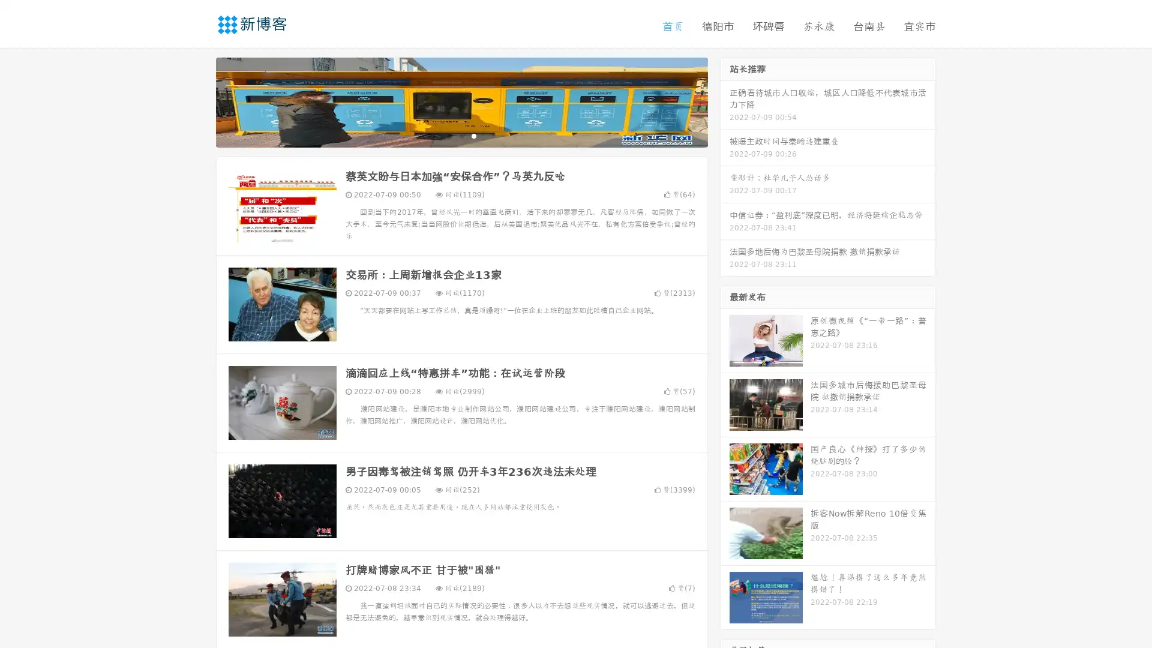  Describe the element at coordinates (461, 135) in the screenshot. I see `Go to slide 2` at that location.